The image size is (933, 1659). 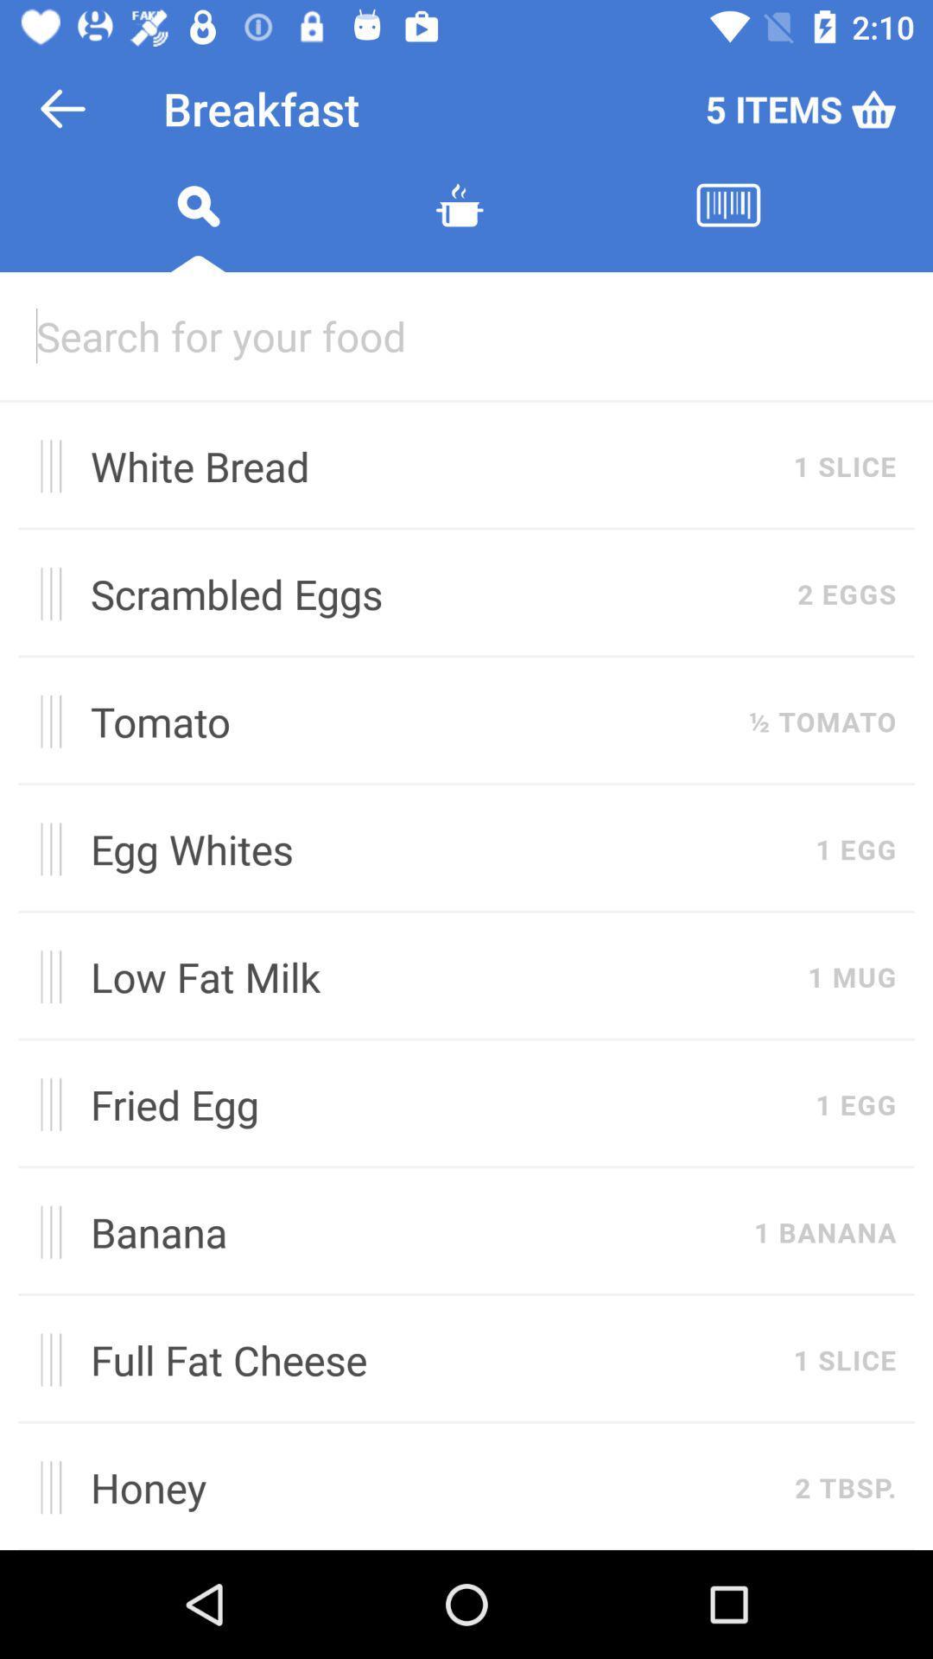 I want to click on the search icon, so click(x=197, y=226).